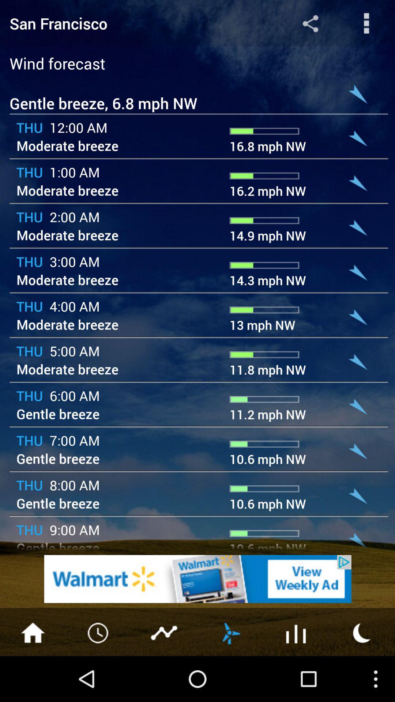 The width and height of the screenshot is (395, 702). I want to click on advertisement, so click(197, 578).